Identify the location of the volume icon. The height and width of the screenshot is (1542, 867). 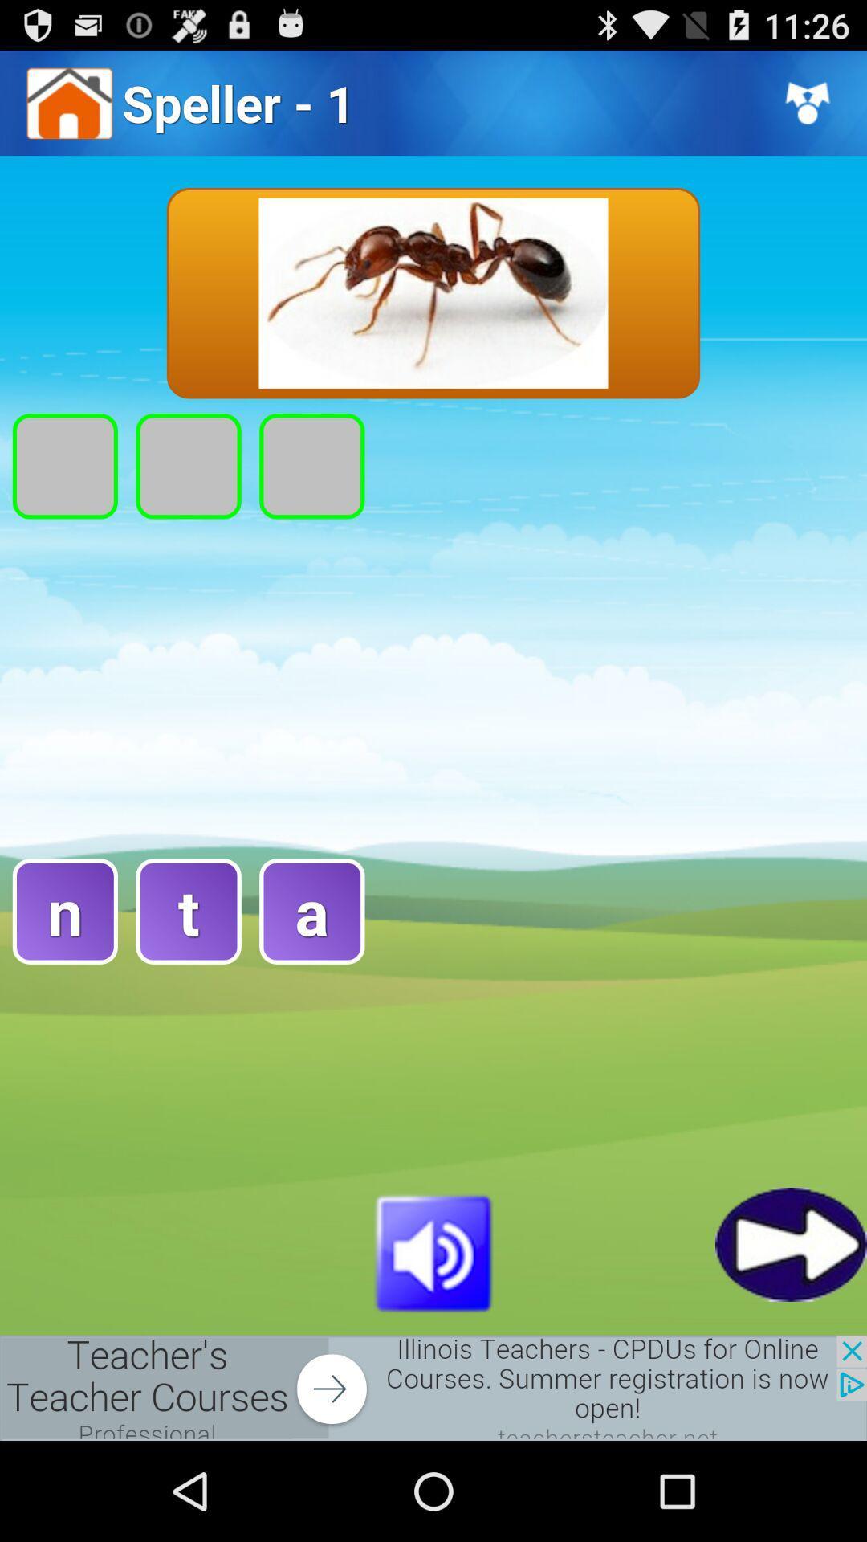
(433, 1339).